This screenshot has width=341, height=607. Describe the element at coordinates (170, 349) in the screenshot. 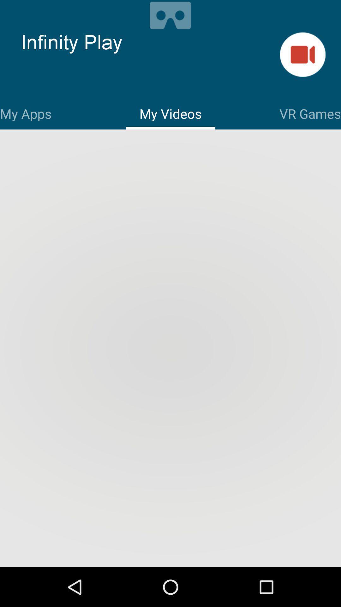

I see `icon below the my apps app` at that location.